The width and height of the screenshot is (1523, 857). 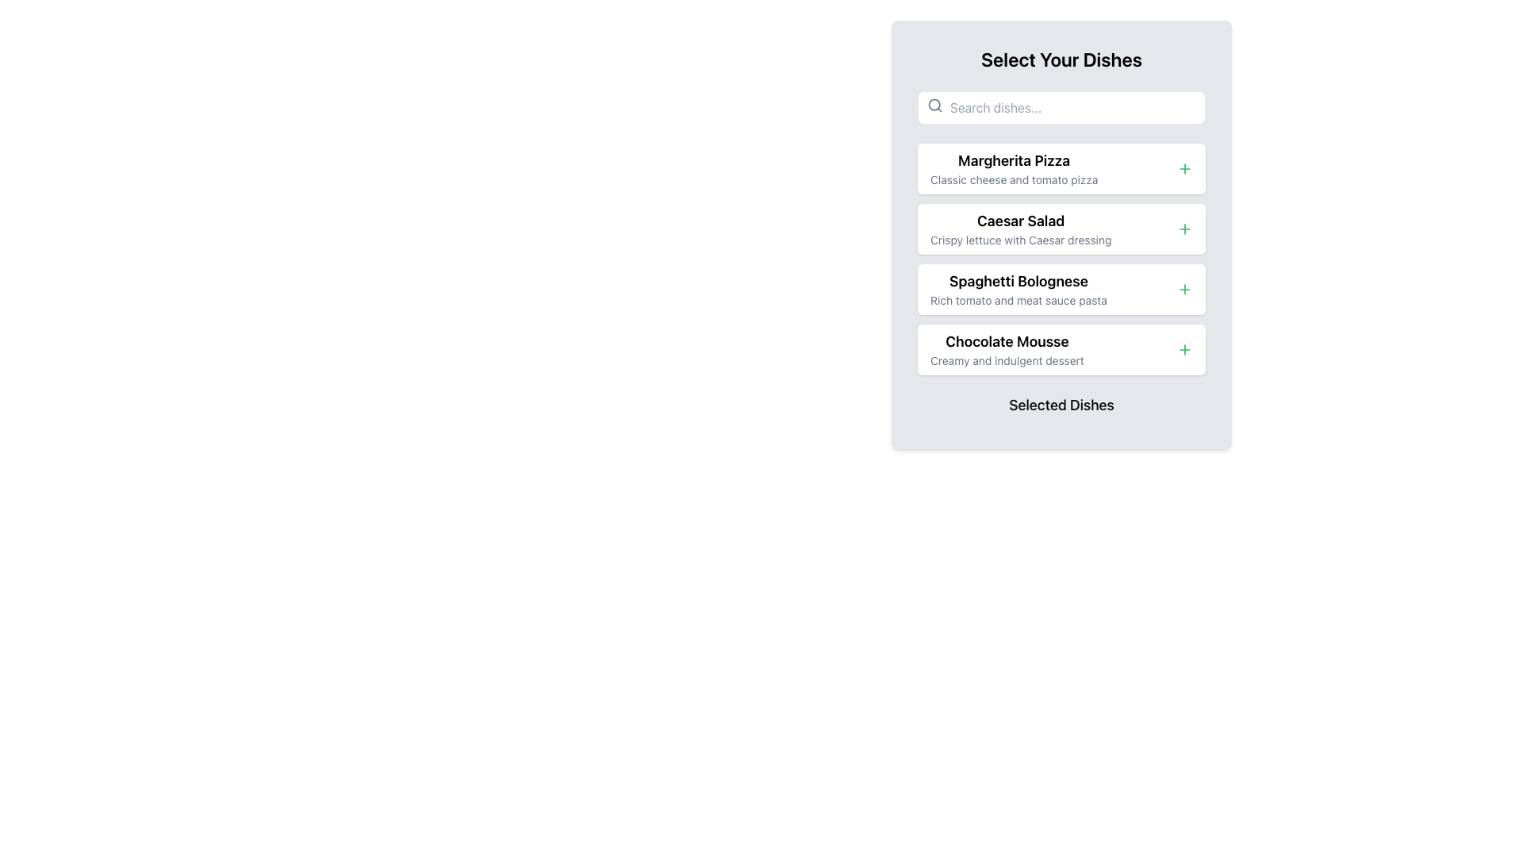 What do you see at coordinates (1061, 229) in the screenshot?
I see `the selectable item representing the 'Caesar Salad' dish, which is a menu button with a plus sign, located in the second position of the menu list` at bounding box center [1061, 229].